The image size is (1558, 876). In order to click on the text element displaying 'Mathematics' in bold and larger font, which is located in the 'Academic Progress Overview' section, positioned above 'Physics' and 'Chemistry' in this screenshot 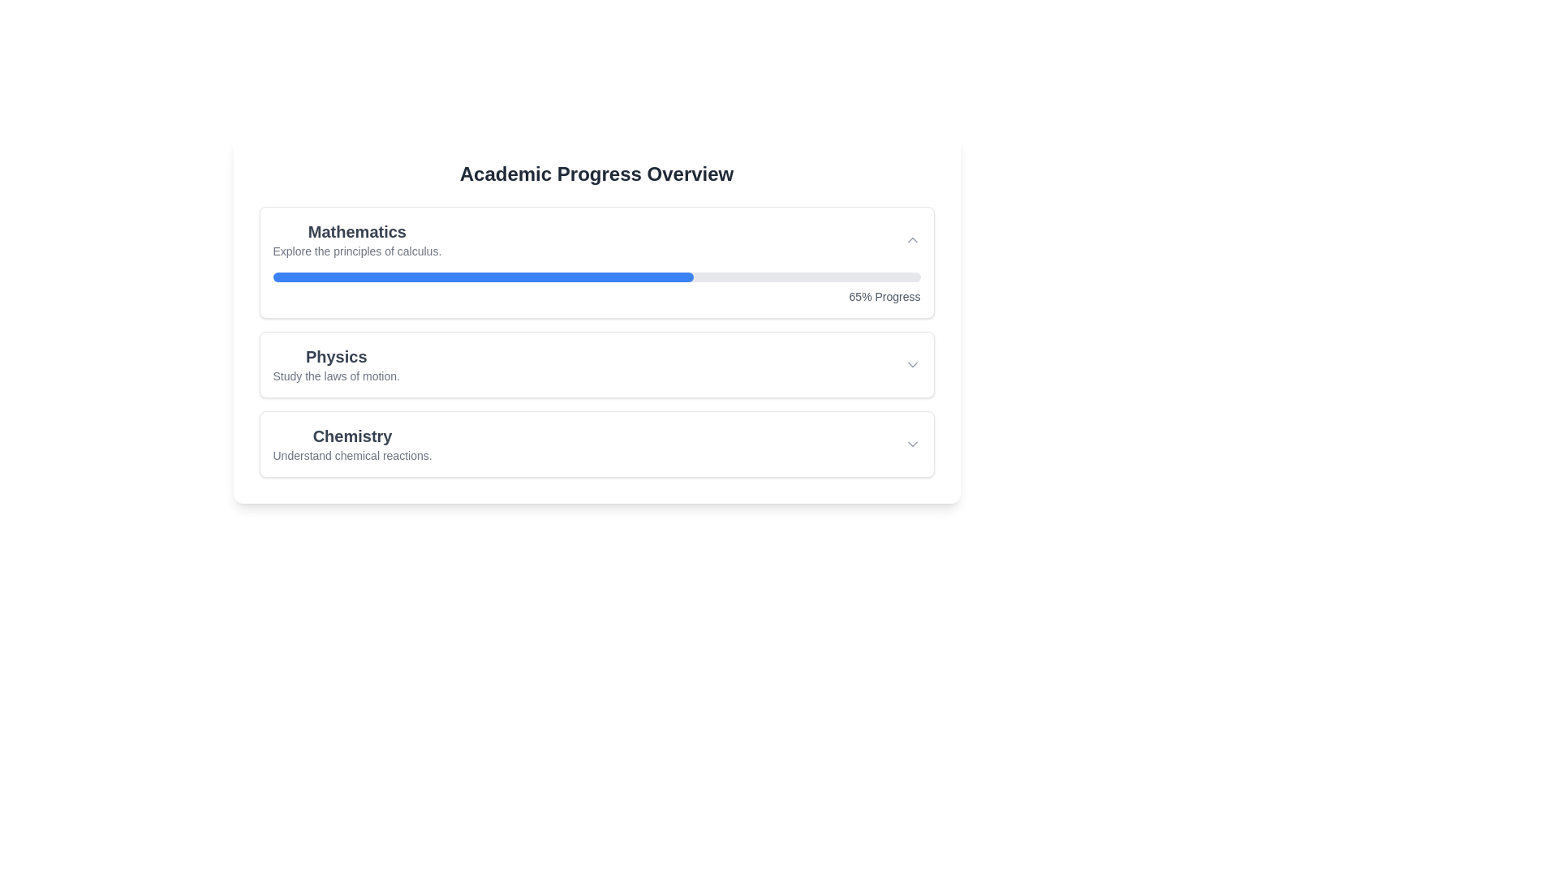, I will do `click(356, 240)`.